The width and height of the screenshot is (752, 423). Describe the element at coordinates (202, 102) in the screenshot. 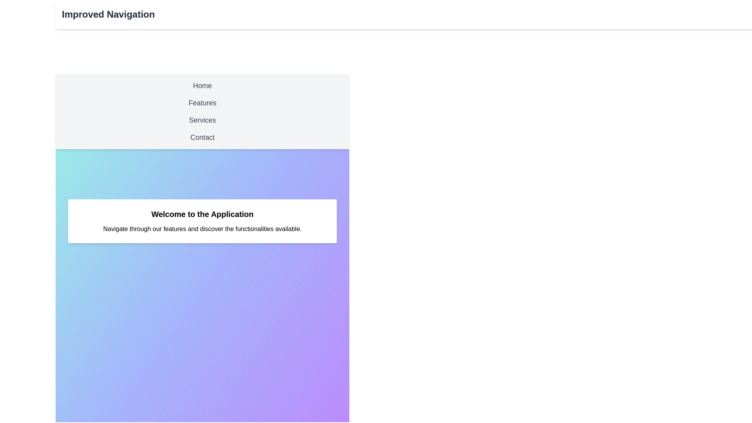

I see `the navigation menu item Features` at that location.